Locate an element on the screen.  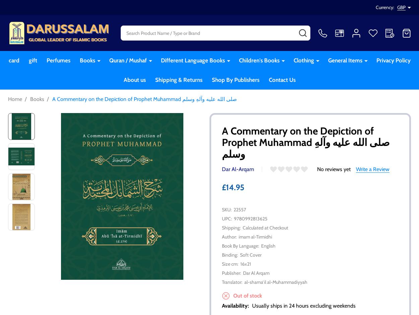
'A Commentary on the Depiction of Prophet Muhammad صلی الله علیه وآلهِ وسلم' is located at coordinates (144, 99).